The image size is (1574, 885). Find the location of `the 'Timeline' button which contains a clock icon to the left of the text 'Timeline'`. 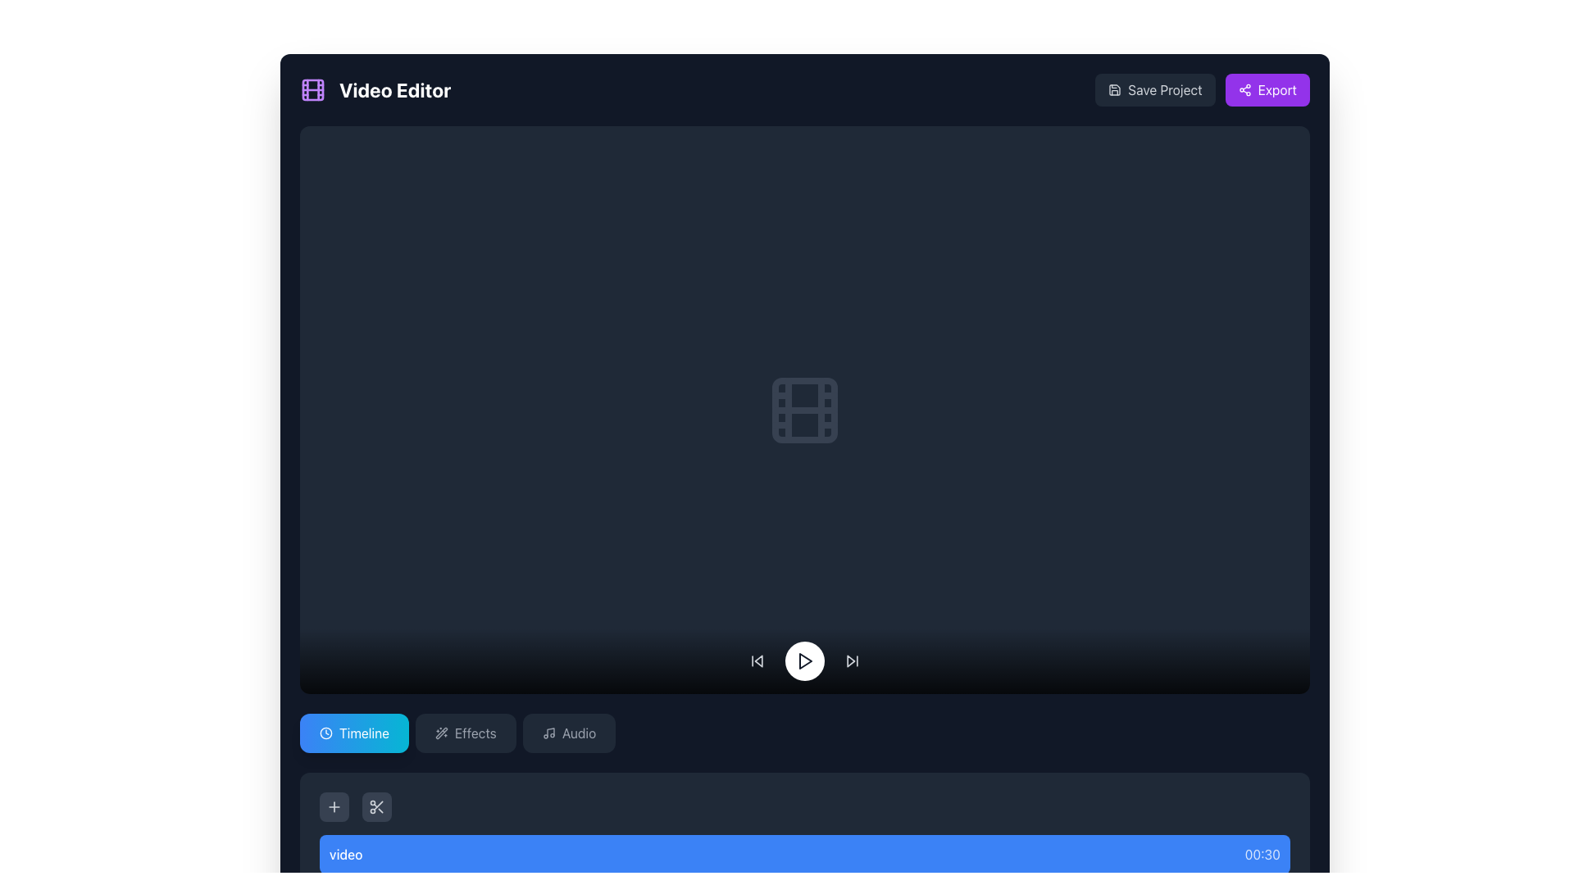

the 'Timeline' button which contains a clock icon to the left of the text 'Timeline' is located at coordinates (326, 732).